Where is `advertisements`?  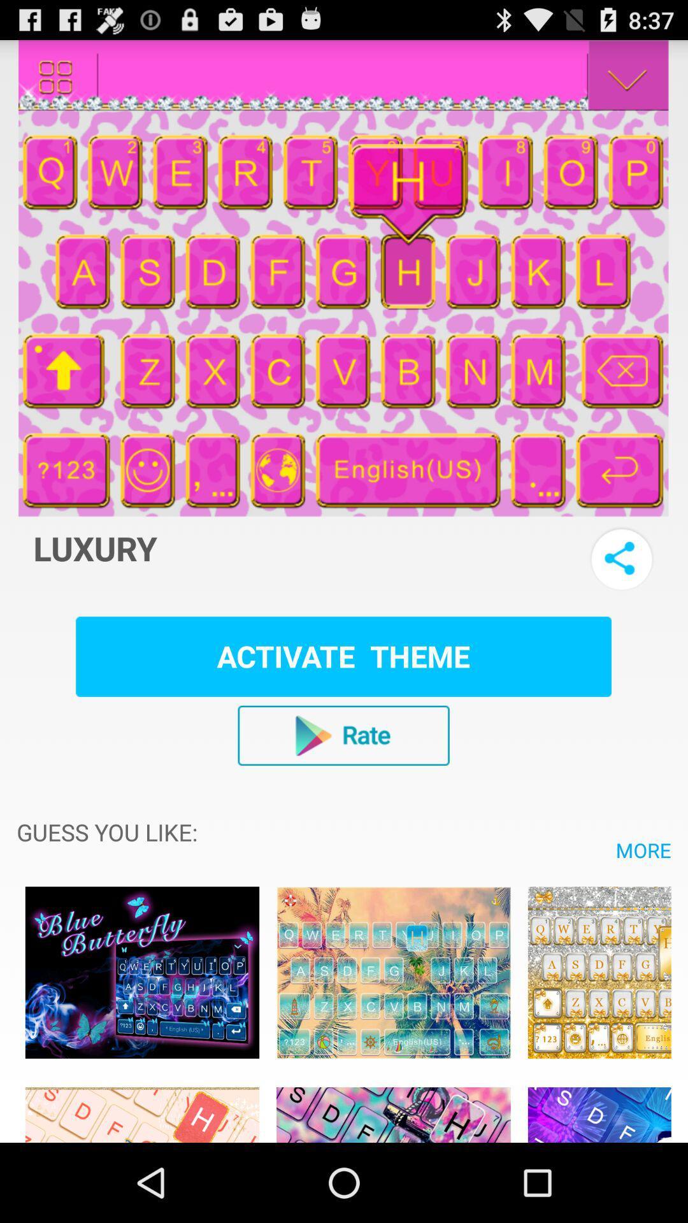
advertisements is located at coordinates (392, 971).